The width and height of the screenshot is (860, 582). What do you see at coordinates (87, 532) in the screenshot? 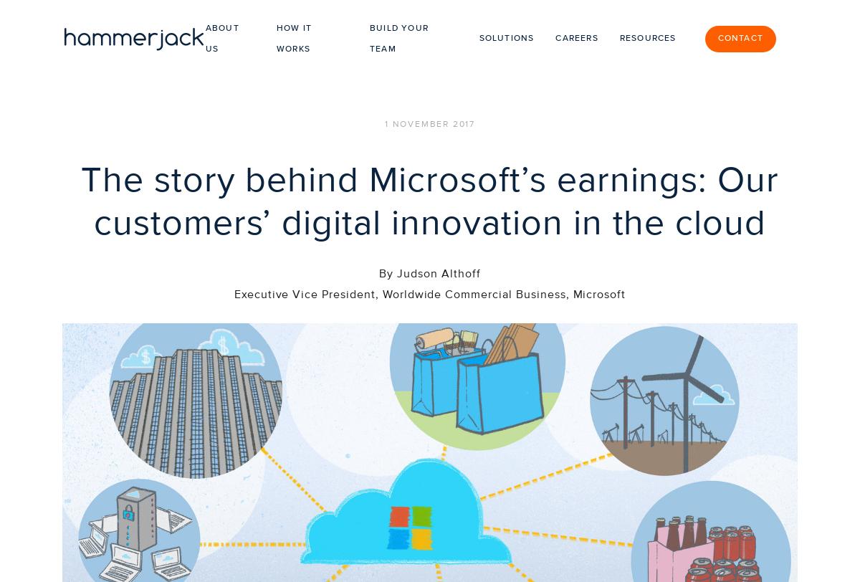
I see `'ABOUT US'` at bounding box center [87, 532].